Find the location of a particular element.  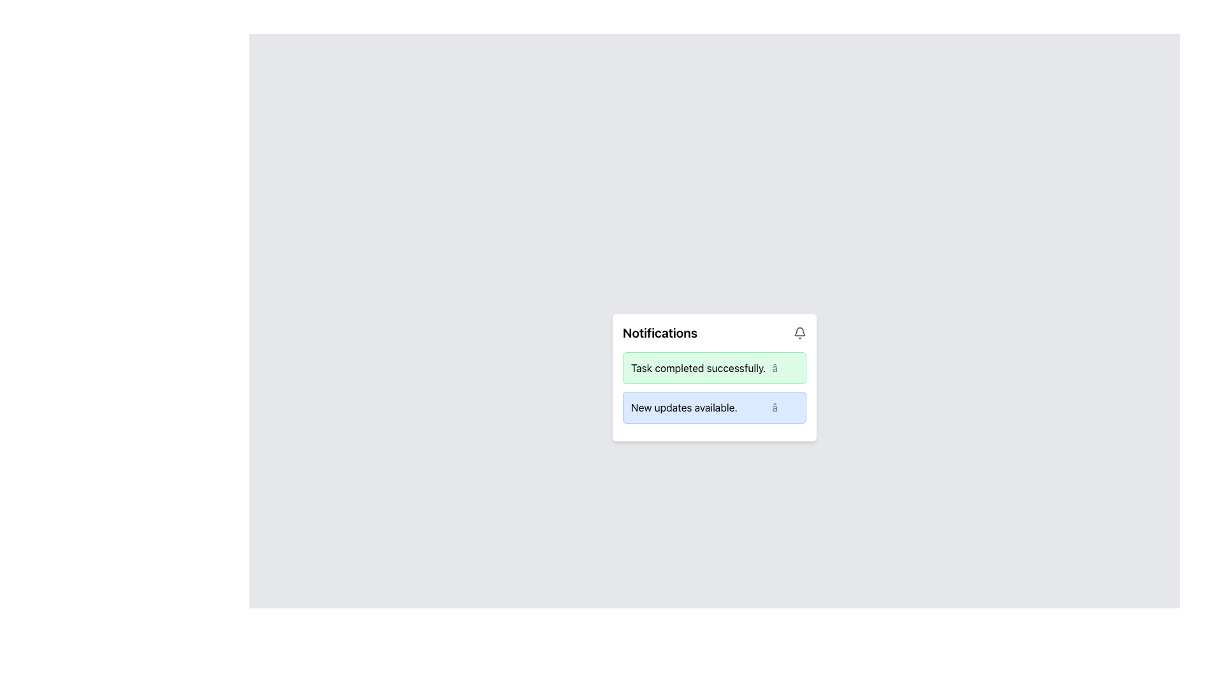

the Notification Box that indicates the successful completion of a task by clicking on it is located at coordinates (715, 368).